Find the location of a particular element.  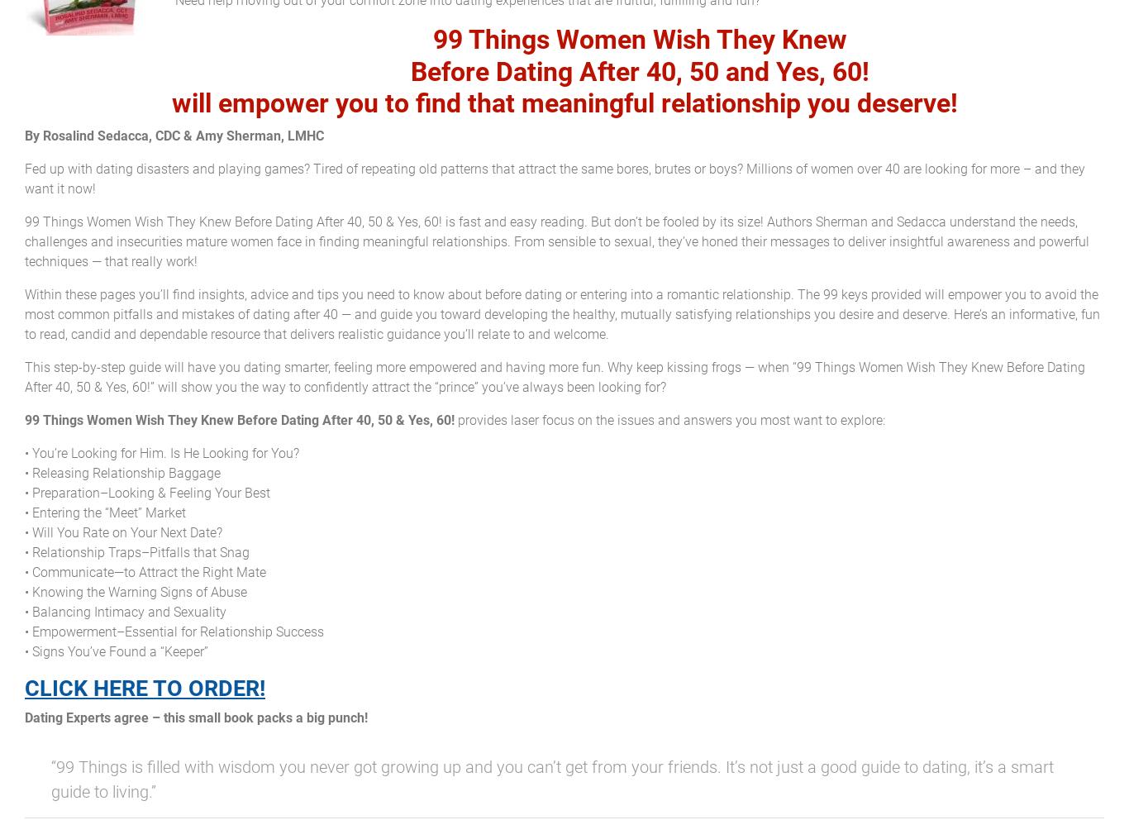

'• Entering the “Meet” Market' is located at coordinates (104, 511).